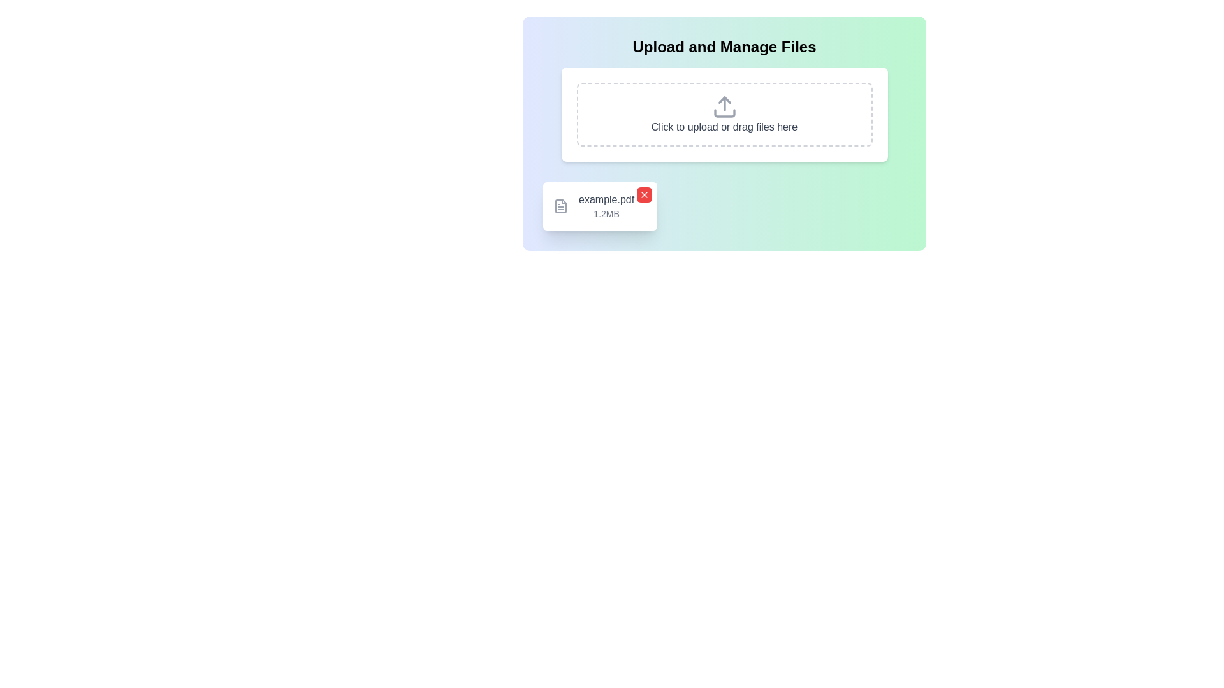 The width and height of the screenshot is (1224, 688). What do you see at coordinates (645, 194) in the screenshot?
I see `the small red button with rounded corners and an 'X' icon located in the top-right corner of the card displaying 'example.pdf 1.2MB'` at bounding box center [645, 194].